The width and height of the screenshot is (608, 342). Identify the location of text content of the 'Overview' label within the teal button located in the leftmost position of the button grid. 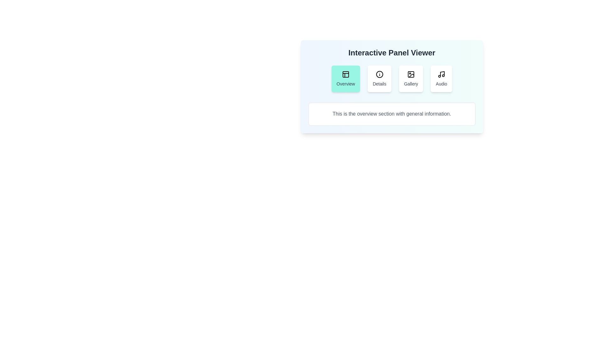
(345, 84).